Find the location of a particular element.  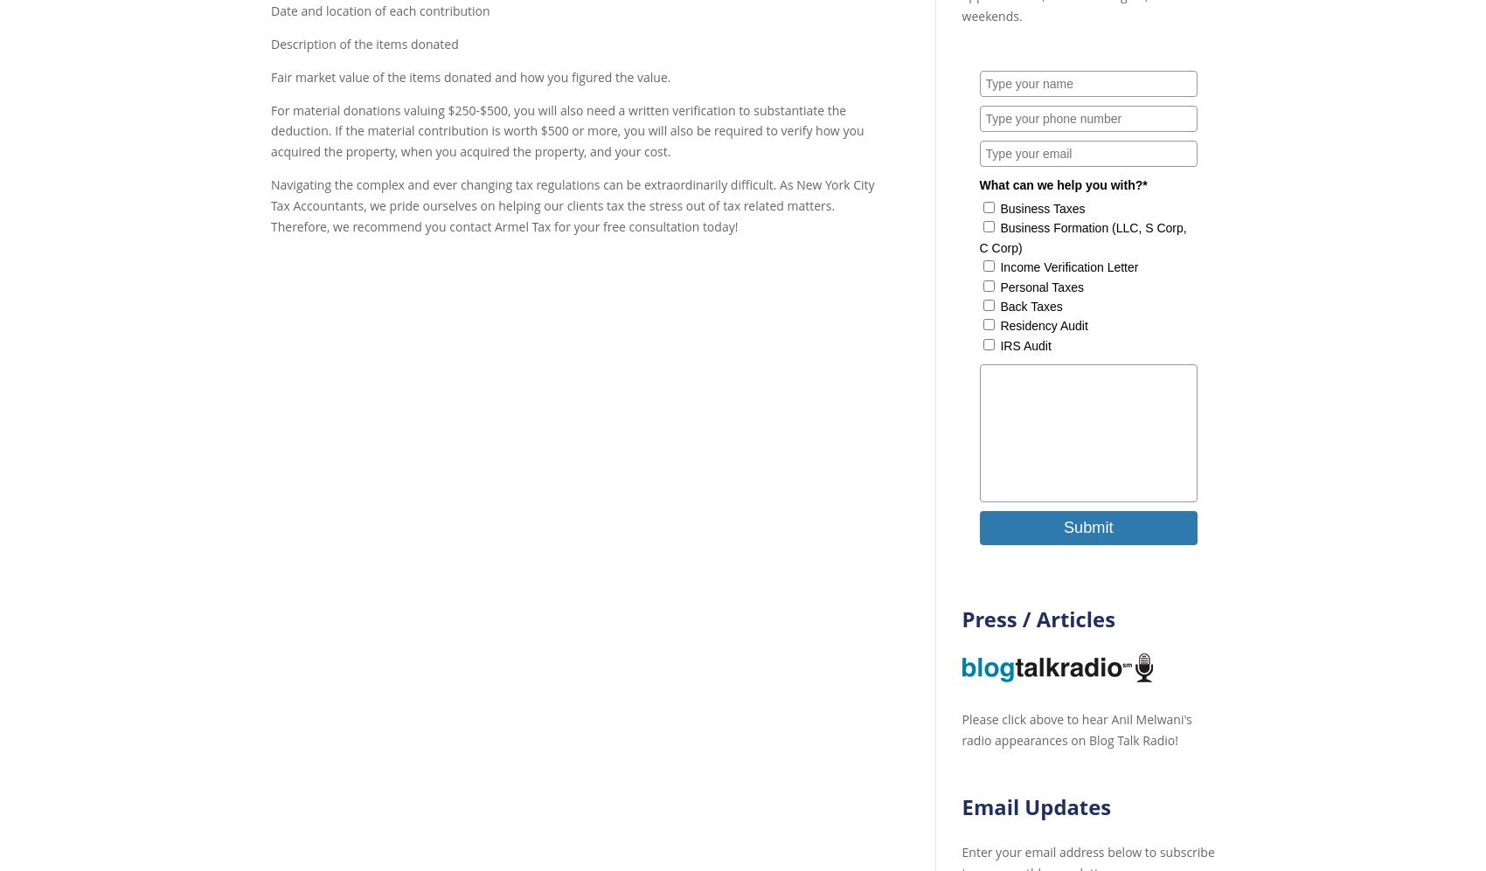

'Press / Articles' is located at coordinates (1037, 617).